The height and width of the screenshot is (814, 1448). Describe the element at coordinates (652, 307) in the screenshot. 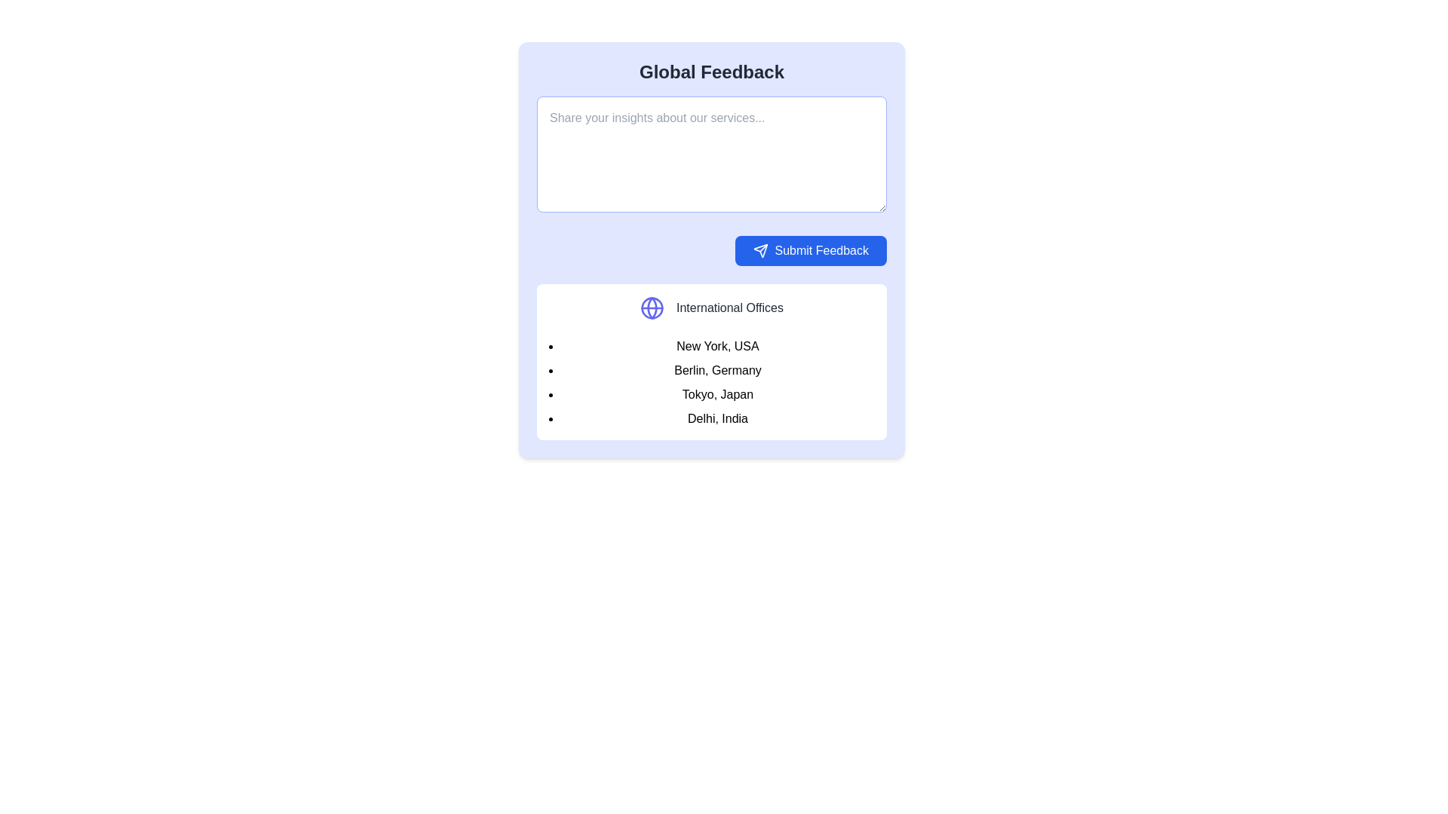

I see `the decorative circular element outlined in blue, which is part of the globe icon on the left side of the 'International Offices' section` at that location.